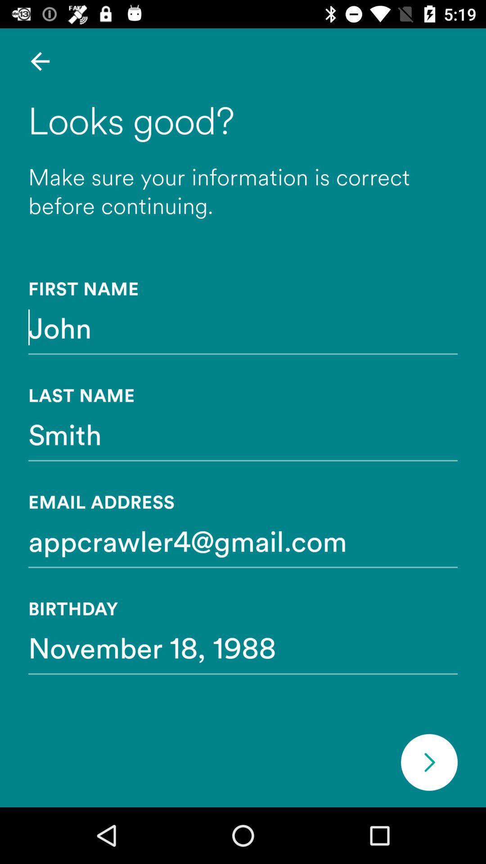 The width and height of the screenshot is (486, 864). I want to click on icon above the last name item, so click(243, 327).